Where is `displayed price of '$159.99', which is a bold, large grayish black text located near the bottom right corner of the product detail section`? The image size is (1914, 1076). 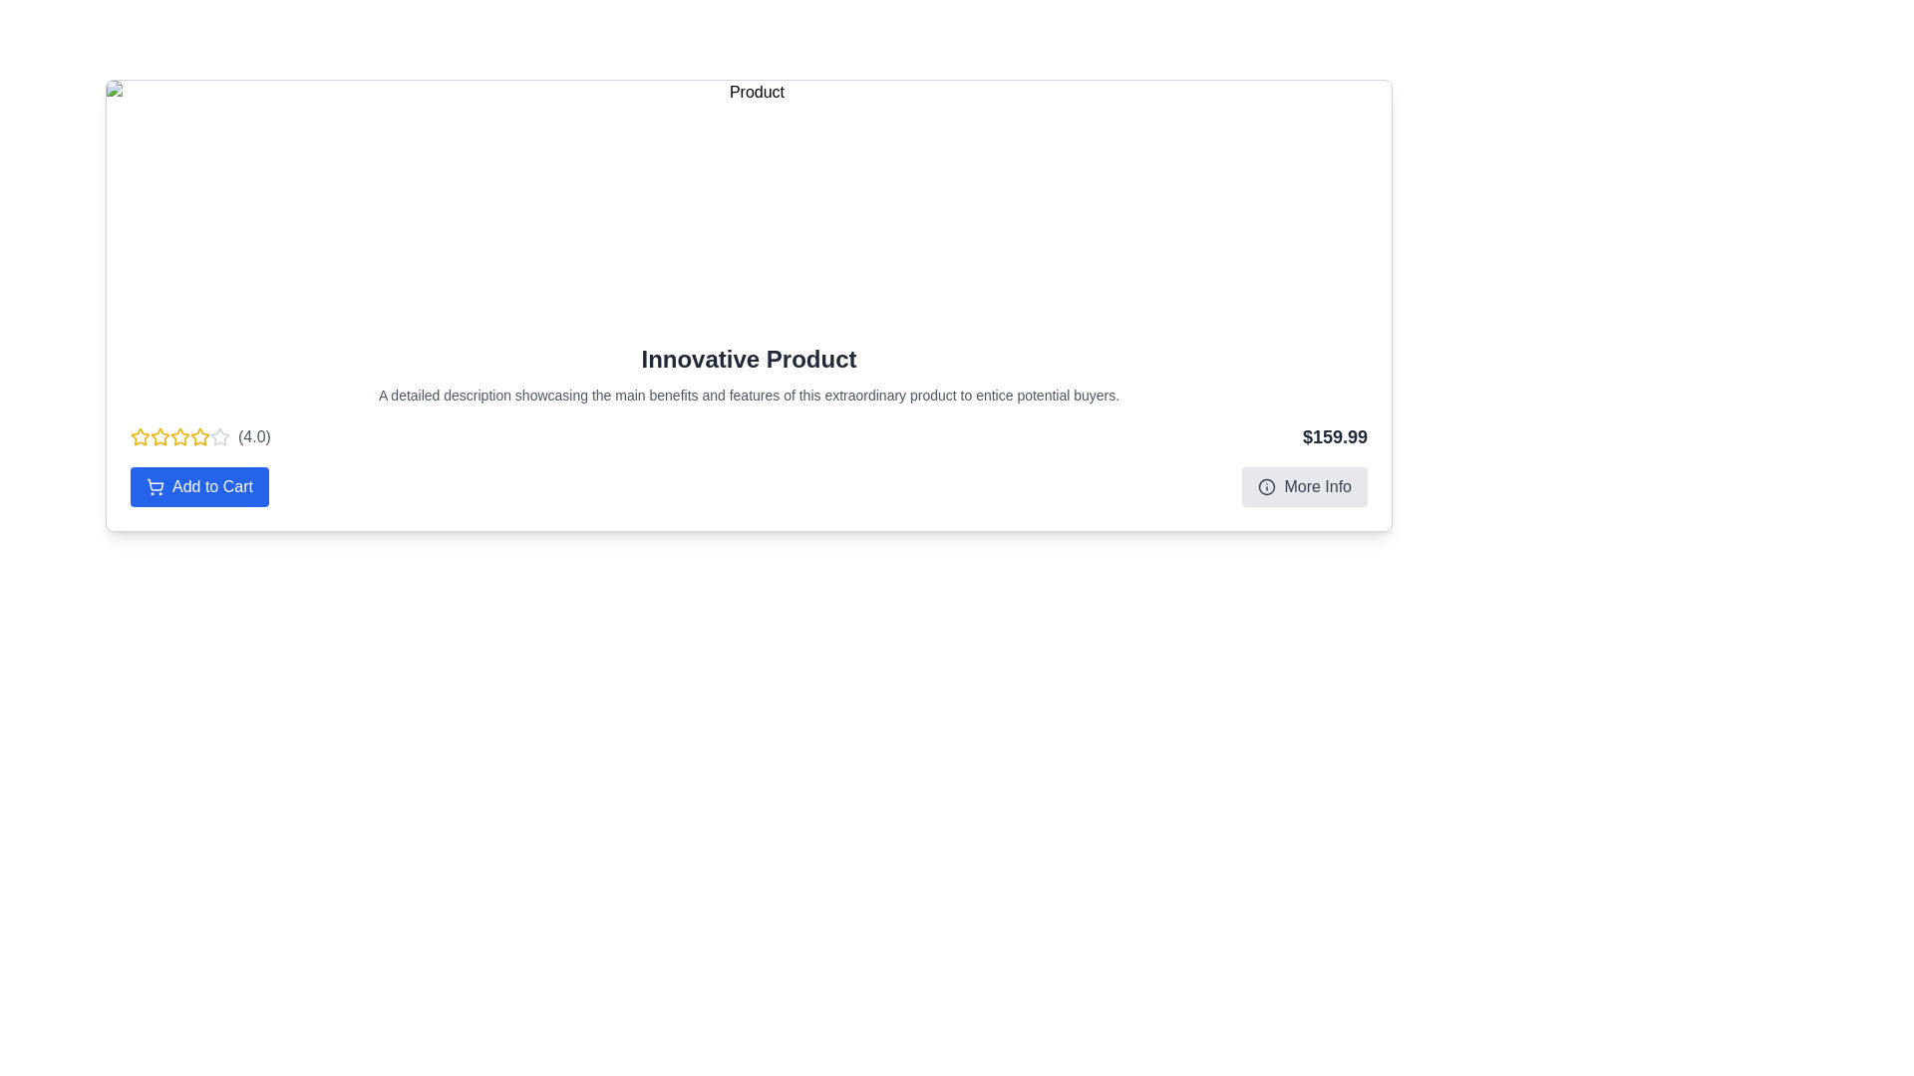
displayed price of '$159.99', which is a bold, large grayish black text located near the bottom right corner of the product detail section is located at coordinates (1335, 436).